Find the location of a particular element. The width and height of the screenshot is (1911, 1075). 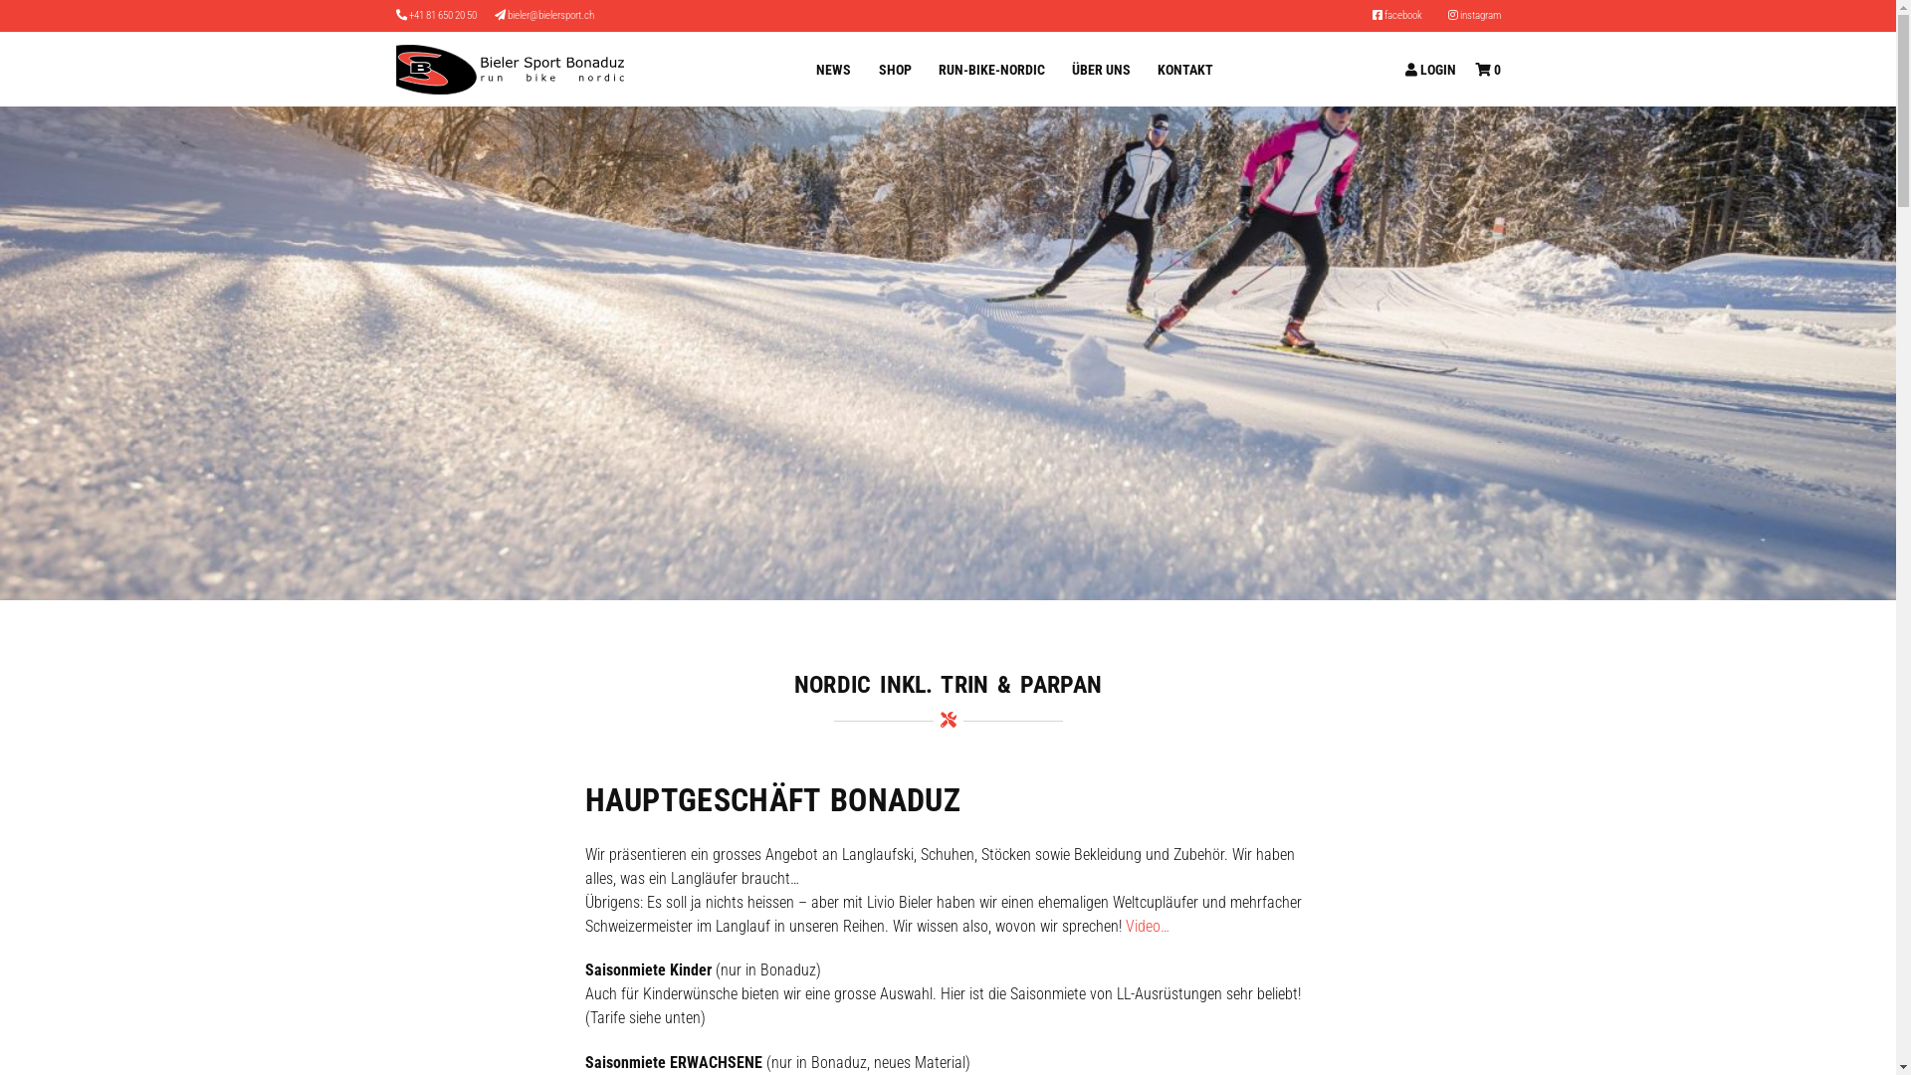

'NEWS' is located at coordinates (833, 68).